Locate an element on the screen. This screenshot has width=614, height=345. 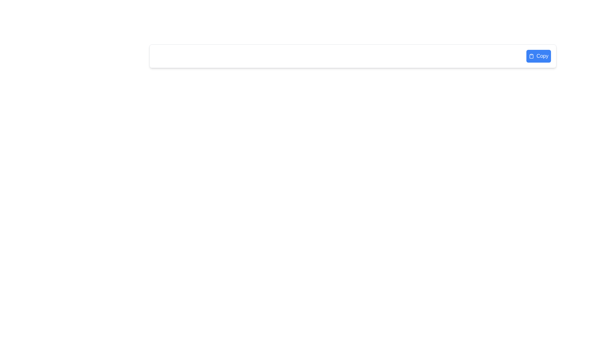
the clipboard icon on the 'Copy' button, which is positioned to the right of a white text input field and is the leftmost component of the button is located at coordinates (531, 56).